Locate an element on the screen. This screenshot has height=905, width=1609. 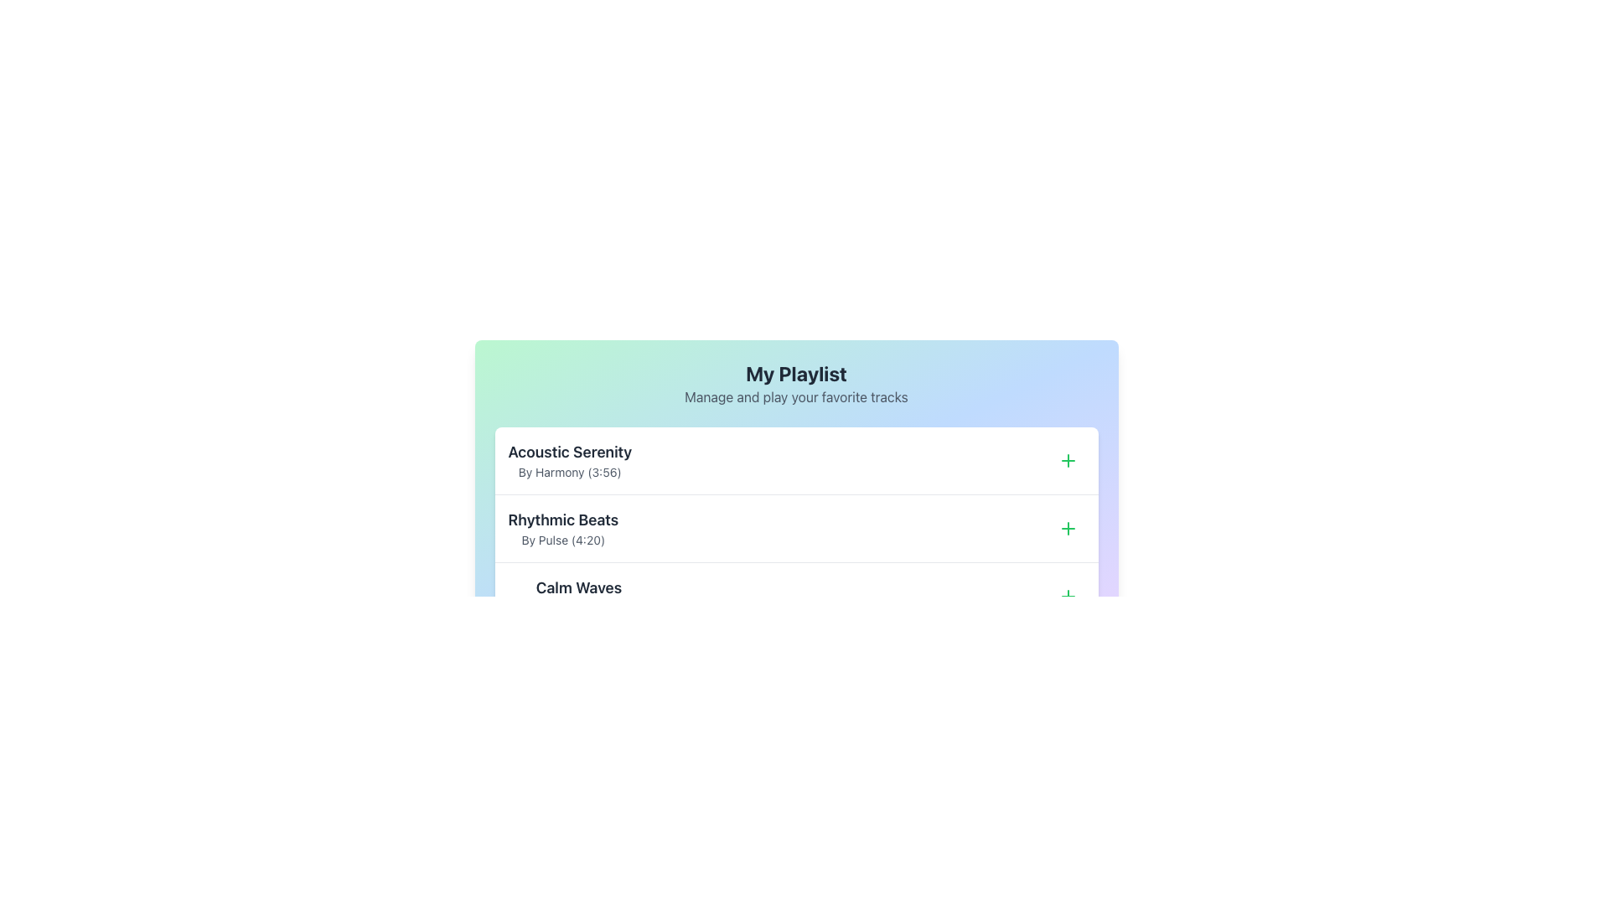
the Text Display Component that shows 'Rhythmic Beats' and 'By Pulse (4:20)' in the 'My Playlist' section is located at coordinates (563, 529).